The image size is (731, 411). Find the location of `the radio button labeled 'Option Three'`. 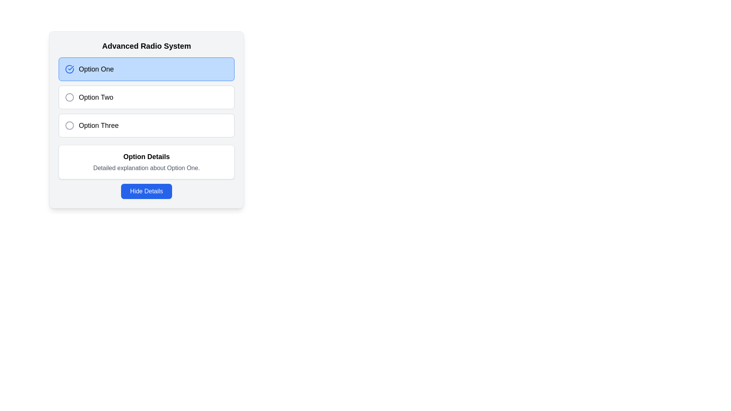

the radio button labeled 'Option Three' is located at coordinates (146, 120).